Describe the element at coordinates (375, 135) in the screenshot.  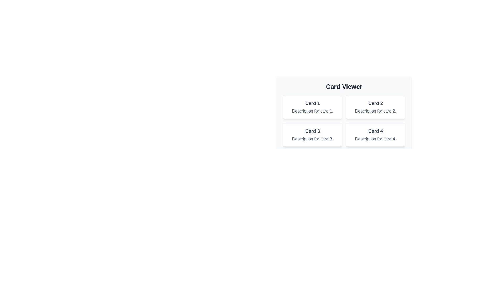
I see `the information presented by the descriptive card located in the lower-right corner of a grid layout, specifically 'Card 4'` at that location.